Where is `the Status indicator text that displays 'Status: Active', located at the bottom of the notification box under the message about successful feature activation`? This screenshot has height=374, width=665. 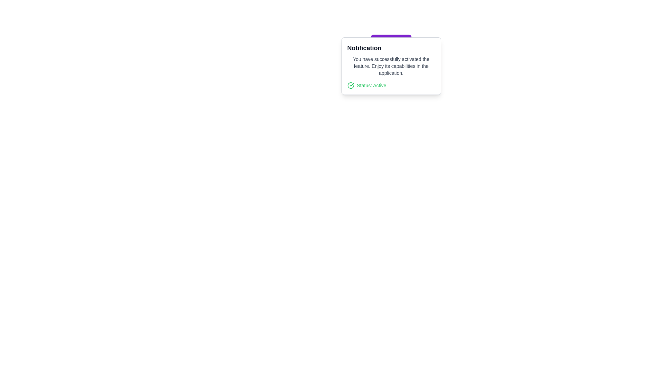
the Status indicator text that displays 'Status: Active', located at the bottom of the notification box under the message about successful feature activation is located at coordinates (366, 85).